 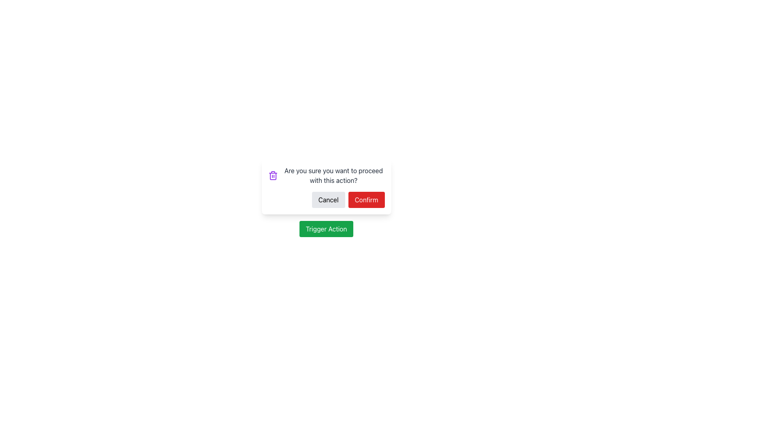 What do you see at coordinates (326, 187) in the screenshot?
I see `the 'Cancel' button located on the left side of the confirmation modal, which is a rounded rectangular dialog box with a white background and shadow effect` at bounding box center [326, 187].